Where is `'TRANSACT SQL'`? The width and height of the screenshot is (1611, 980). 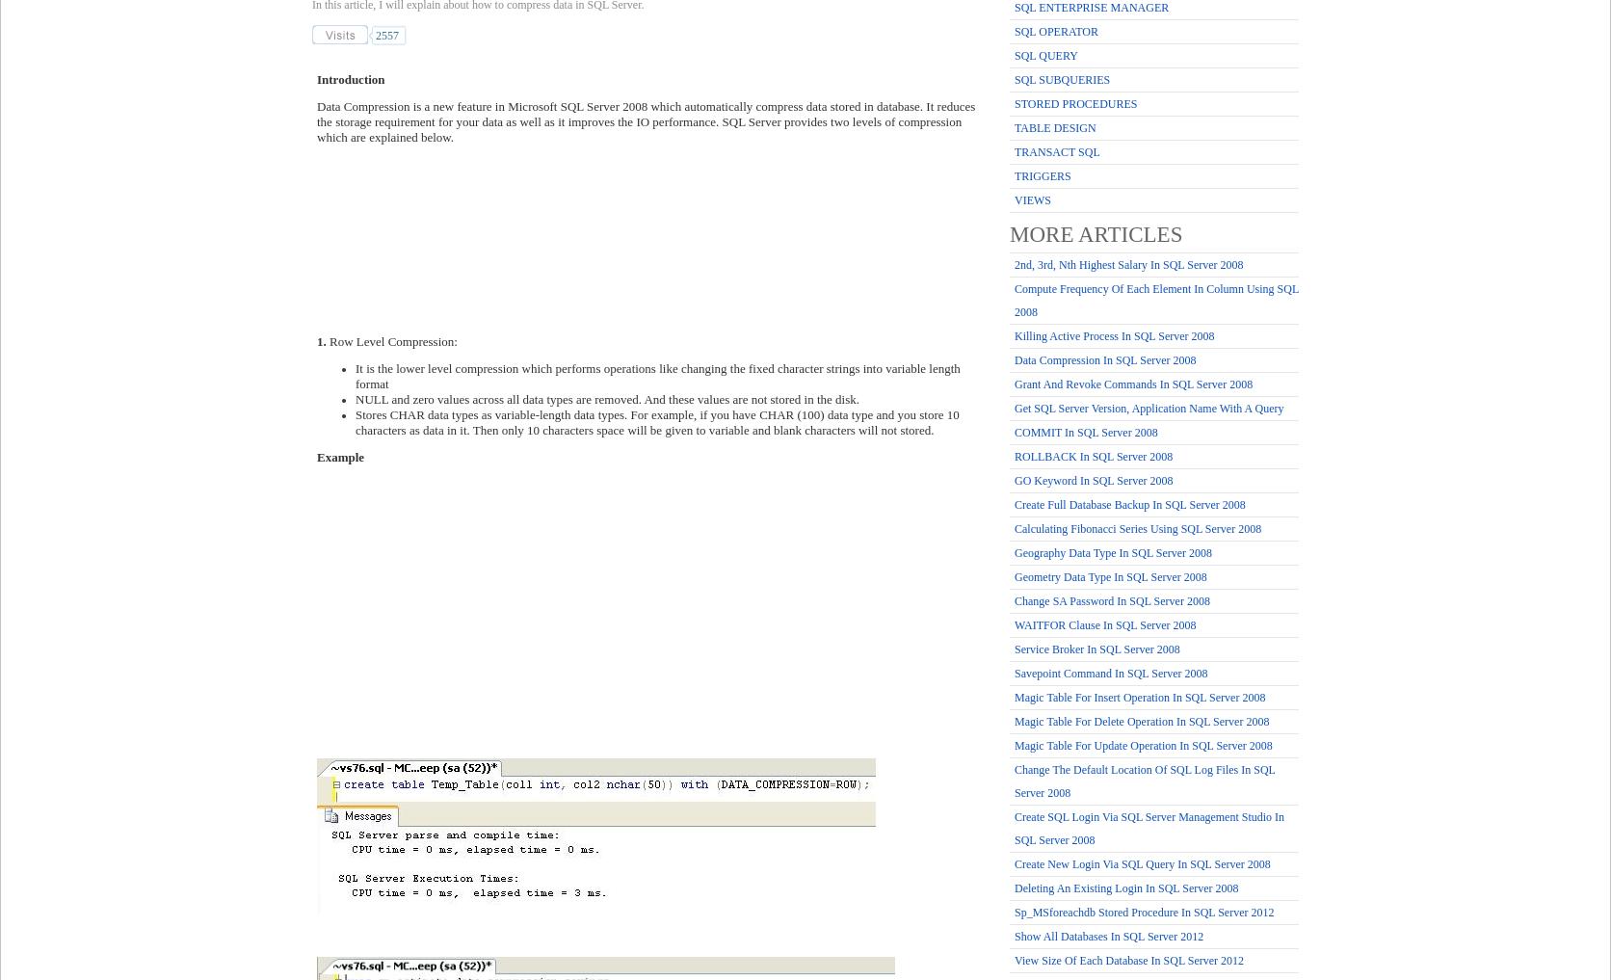 'TRANSACT SQL' is located at coordinates (1056, 151).